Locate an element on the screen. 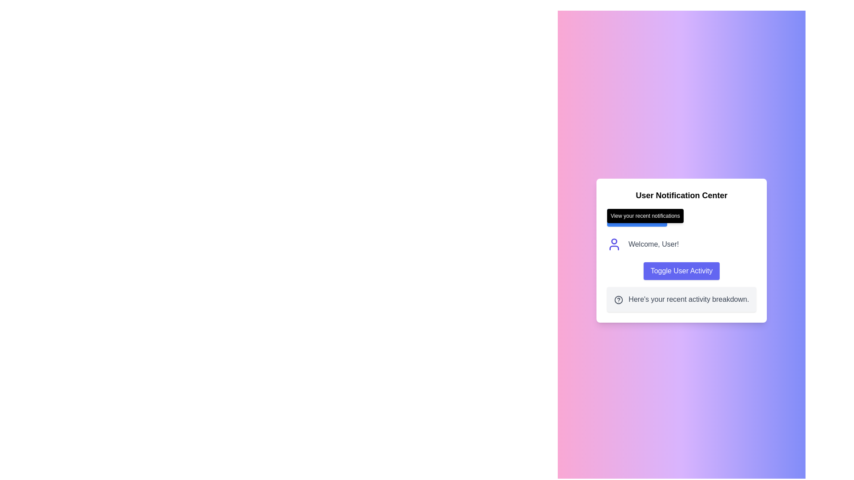 Image resolution: width=854 pixels, height=480 pixels. the circular head component of the user profile icon within the notification center interface, which is positioned above the shoulder shape and directly above the text 'Welcome, User!' is located at coordinates (613, 241).